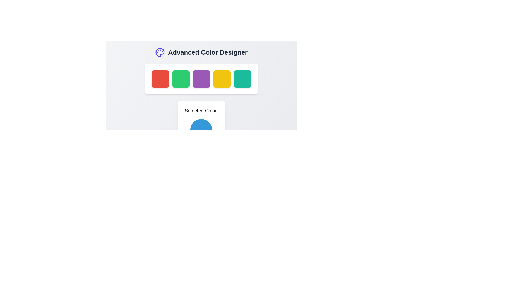  Describe the element at coordinates (201, 79) in the screenshot. I see `the third button in the horizontal row of six square buttons` at that location.